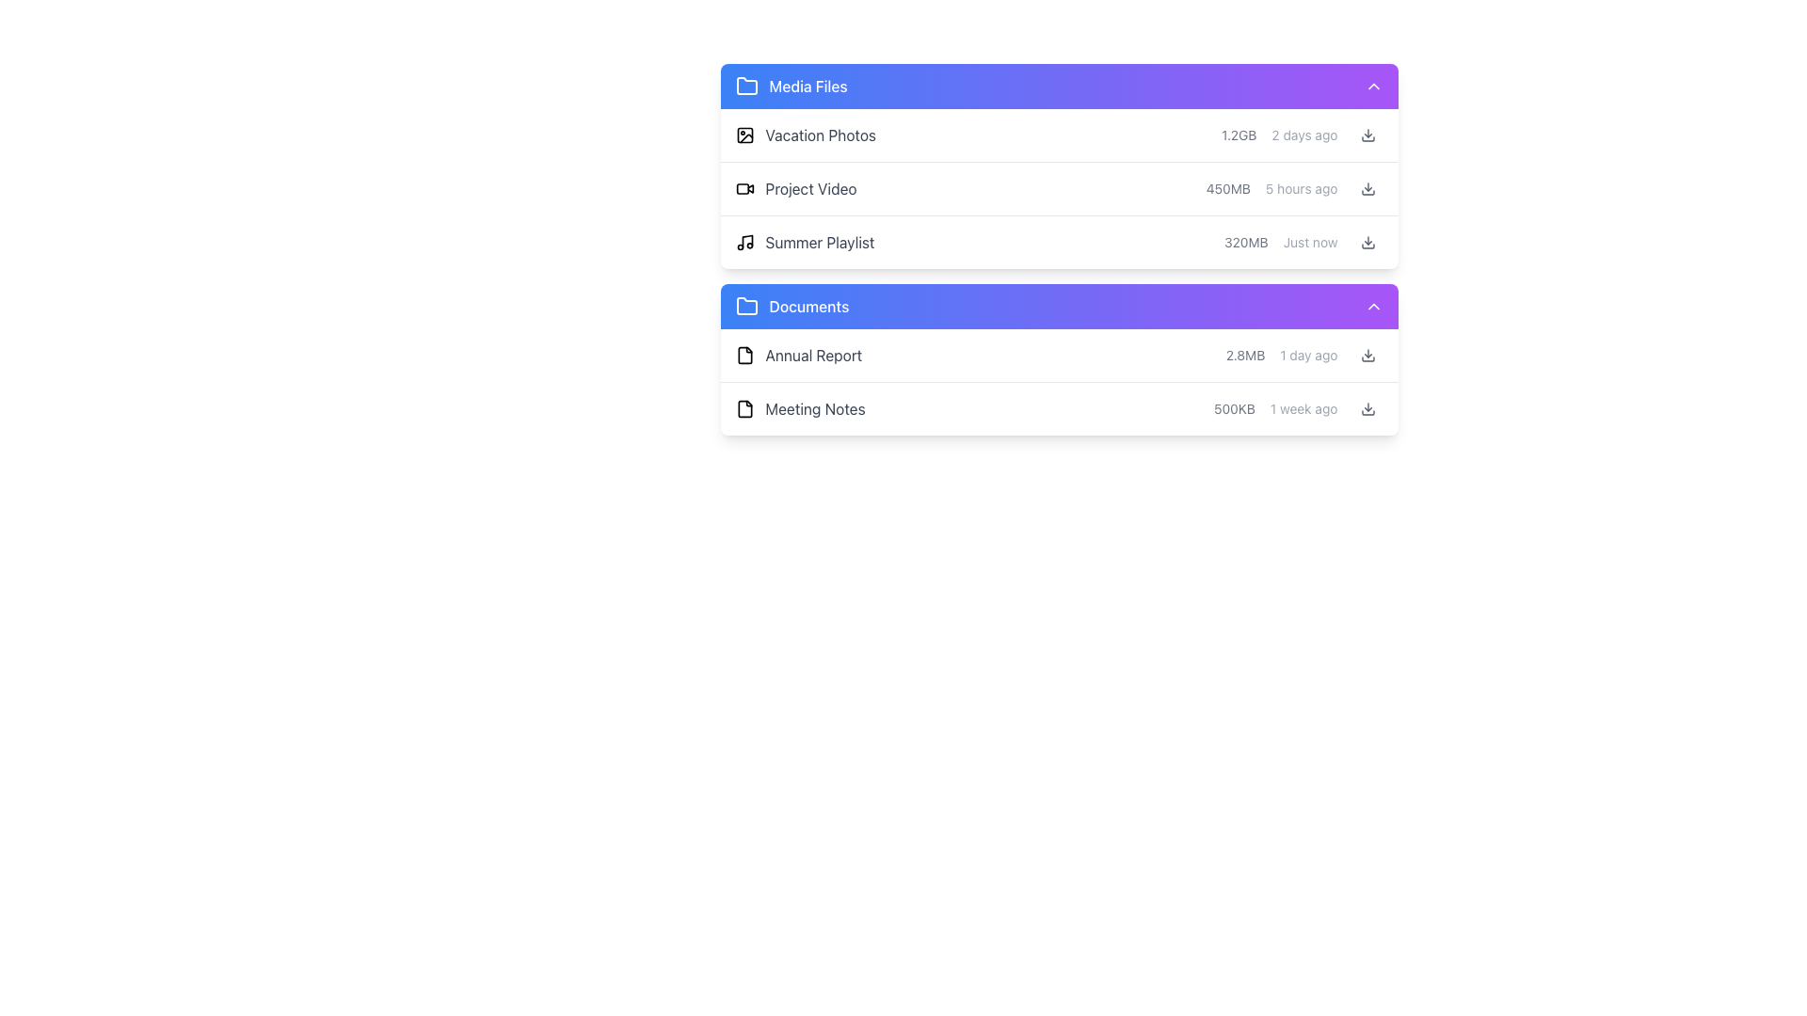  I want to click on the static text element that provides the timestamp or metadata for the associated file, located between '1.2GB' and a download button in the 'Media Files' section, so click(1303, 134).